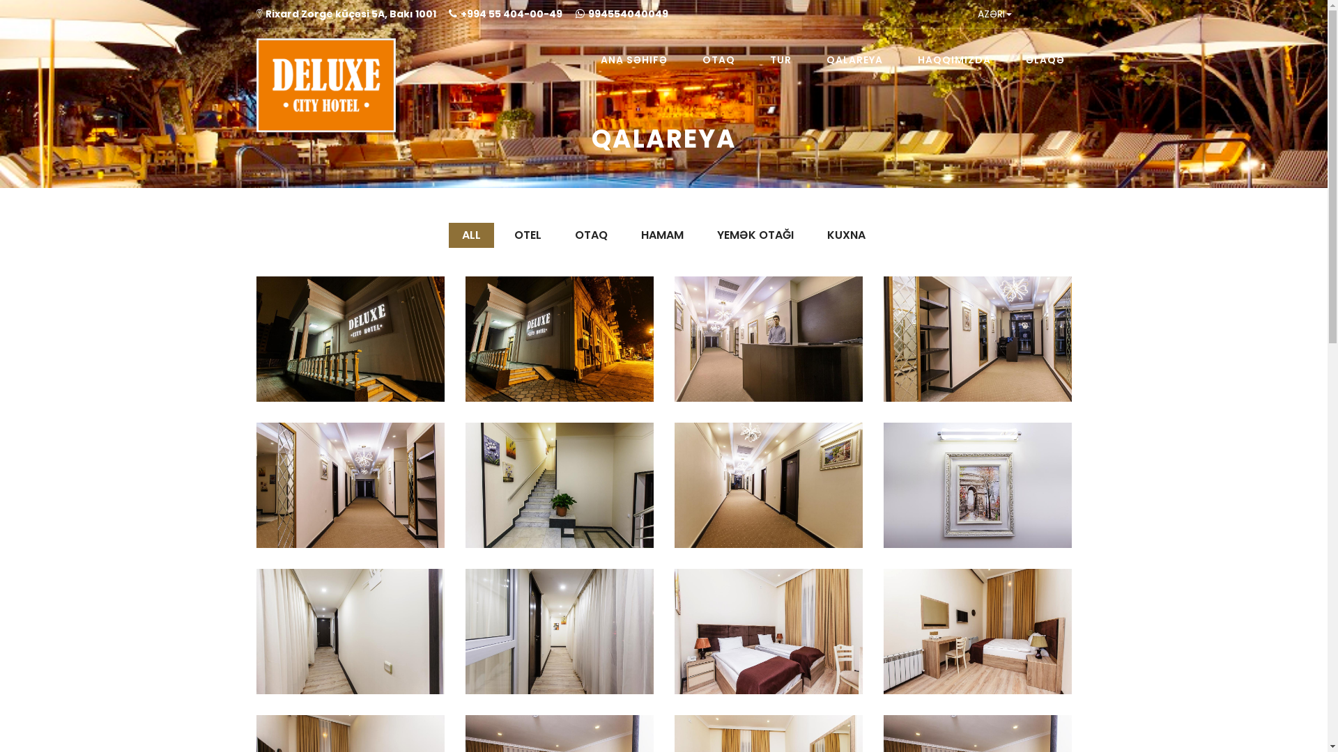  What do you see at coordinates (621, 13) in the screenshot?
I see `'994554040049'` at bounding box center [621, 13].